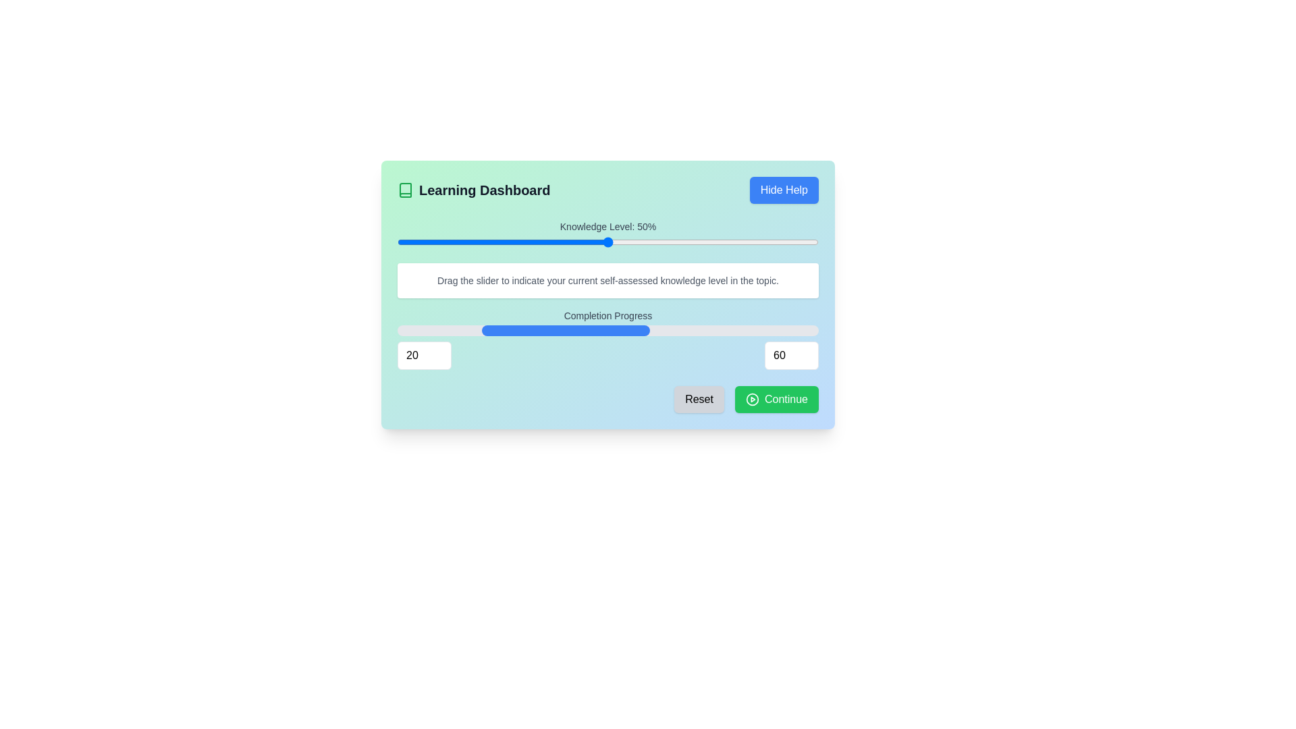  What do you see at coordinates (607, 236) in the screenshot?
I see `the percentage value displayed above the slider labeled 'Knowledge Level: 50%'` at bounding box center [607, 236].